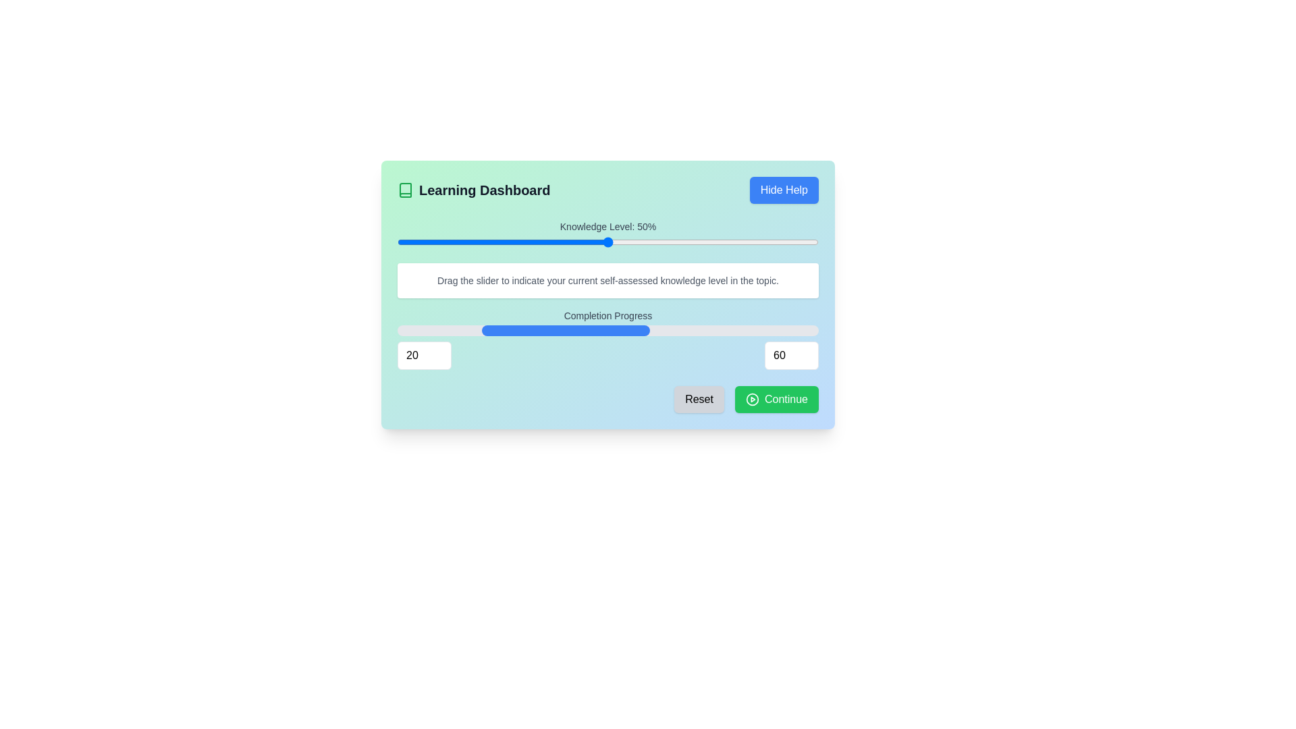  What do you see at coordinates (607, 236) in the screenshot?
I see `the percentage value displayed above the slider labeled 'Knowledge Level: 50%'` at bounding box center [607, 236].